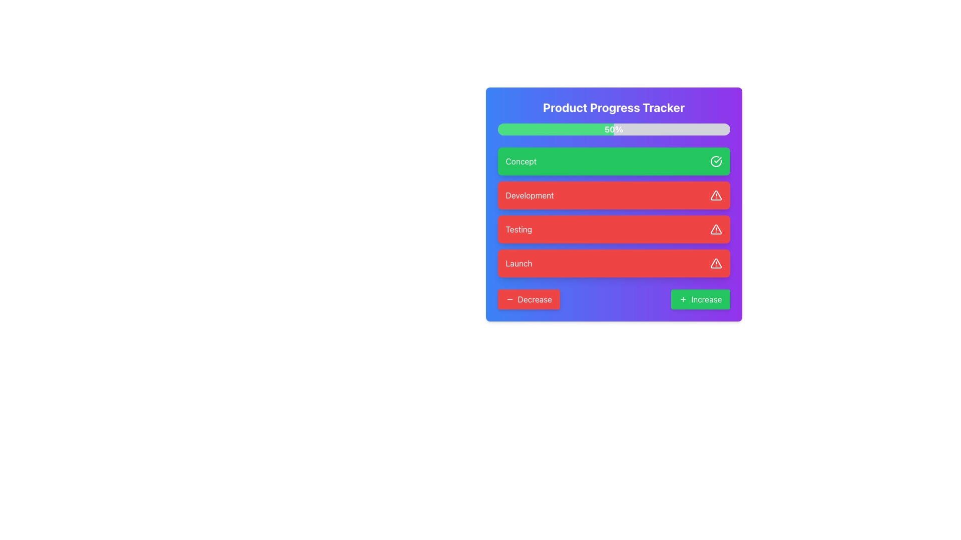  What do you see at coordinates (519, 263) in the screenshot?
I see `the 'Launch' label, which is displayed in white on a red rectangular background with rounded corners, located in the fourth row of the progress stages list` at bounding box center [519, 263].